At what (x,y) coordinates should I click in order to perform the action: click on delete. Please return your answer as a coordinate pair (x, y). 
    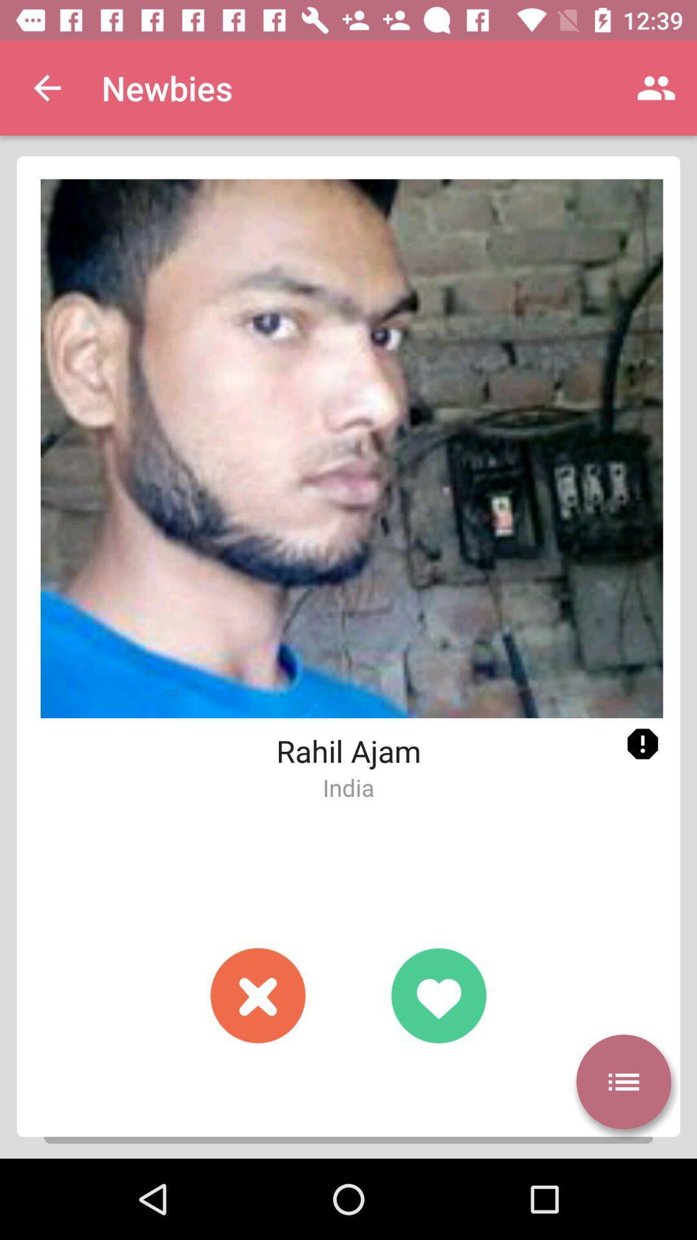
    Looking at the image, I should click on (258, 995).